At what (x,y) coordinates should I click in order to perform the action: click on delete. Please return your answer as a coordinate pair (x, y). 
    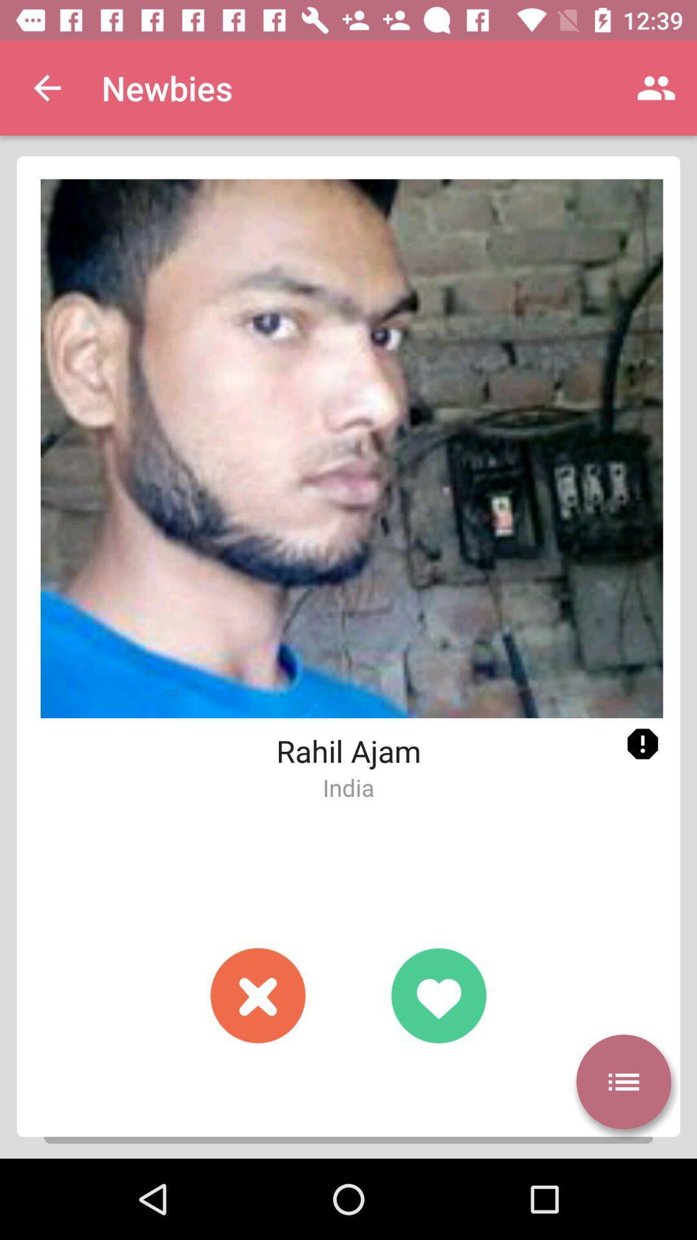
    Looking at the image, I should click on (258, 995).